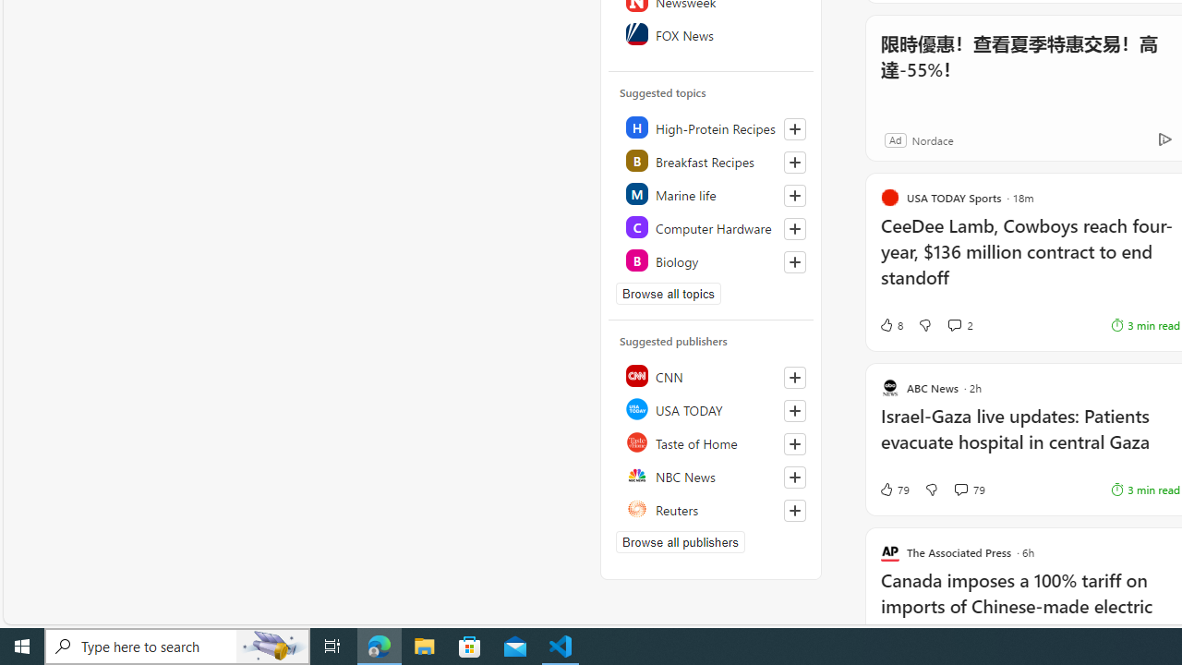 The image size is (1182, 665). Describe the element at coordinates (711, 442) in the screenshot. I see `'Taste of Home'` at that location.